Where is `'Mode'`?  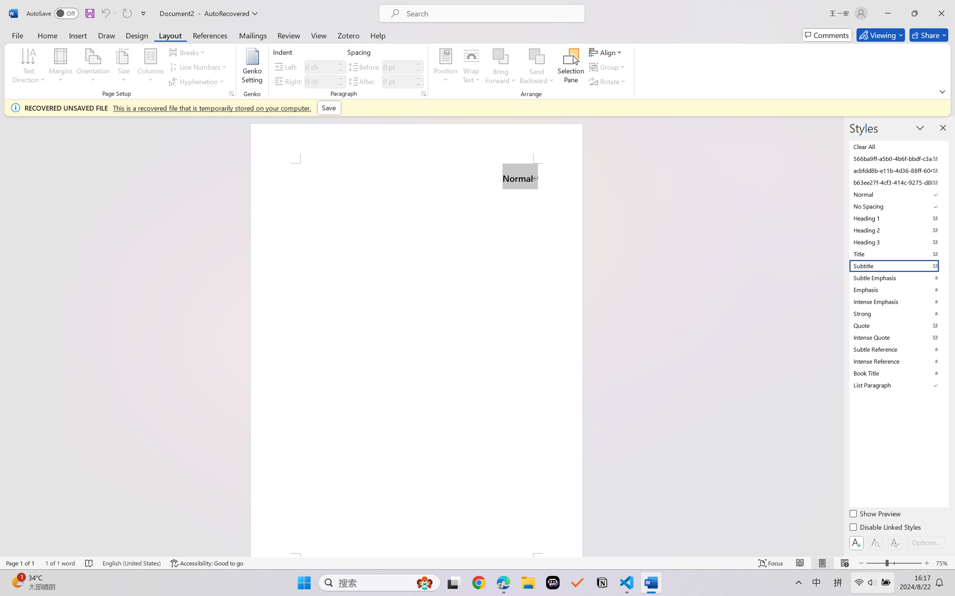 'Mode' is located at coordinates (880, 35).